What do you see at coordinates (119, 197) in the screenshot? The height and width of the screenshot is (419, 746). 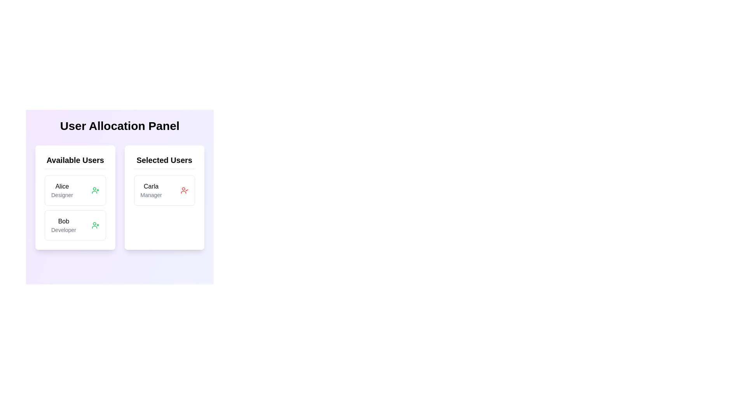 I see `one of the interactive buttons within the User Allocation Panel to transfer users between Available Users and Selected Users` at bounding box center [119, 197].